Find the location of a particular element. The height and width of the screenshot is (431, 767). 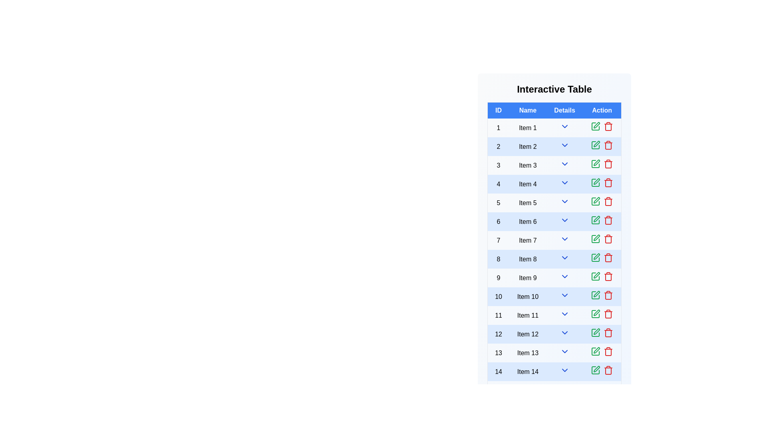

the header of the column Name to sort the rows by that column is located at coordinates (528, 110).